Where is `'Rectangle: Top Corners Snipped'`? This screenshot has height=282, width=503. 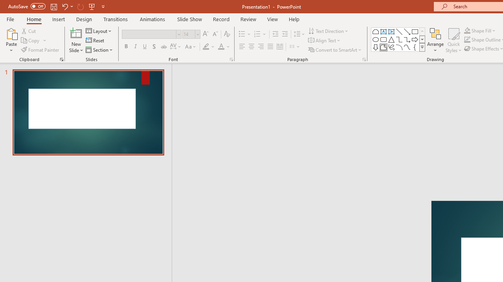 'Rectangle: Top Corners Snipped' is located at coordinates (375, 31).